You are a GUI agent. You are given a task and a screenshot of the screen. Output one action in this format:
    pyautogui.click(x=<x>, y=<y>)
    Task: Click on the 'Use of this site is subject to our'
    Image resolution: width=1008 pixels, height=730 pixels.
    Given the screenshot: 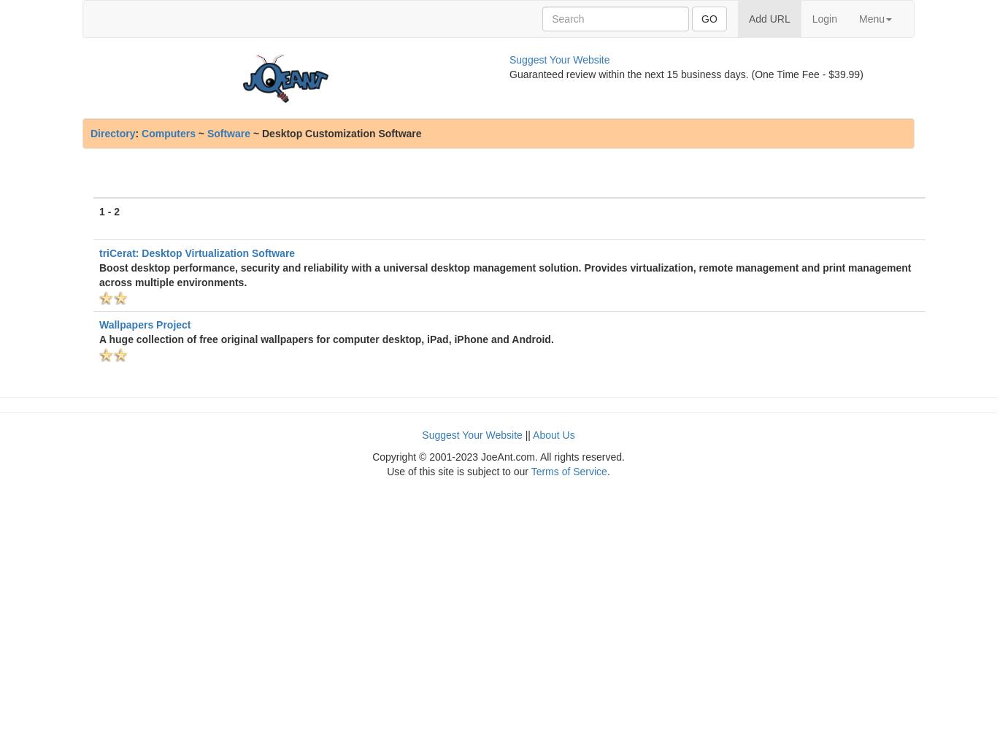 What is the action you would take?
    pyautogui.click(x=458, y=471)
    